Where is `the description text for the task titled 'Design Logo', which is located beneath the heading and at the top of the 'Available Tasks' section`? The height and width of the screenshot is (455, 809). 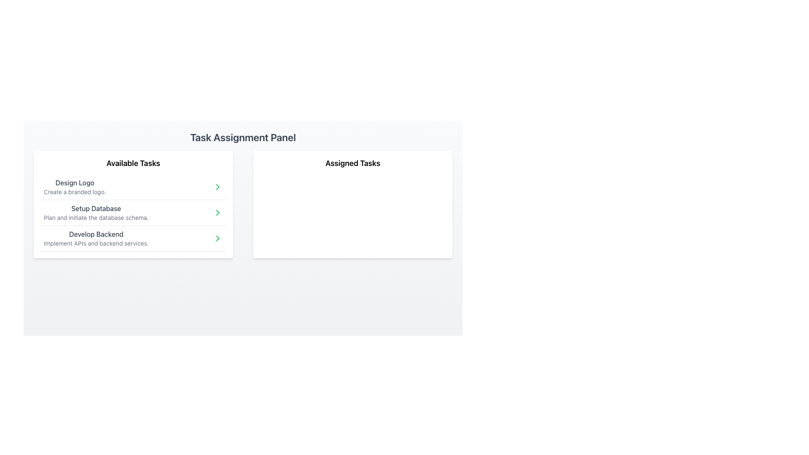
the description text for the task titled 'Design Logo', which is located beneath the heading and at the top of the 'Available Tasks' section is located at coordinates (75, 192).